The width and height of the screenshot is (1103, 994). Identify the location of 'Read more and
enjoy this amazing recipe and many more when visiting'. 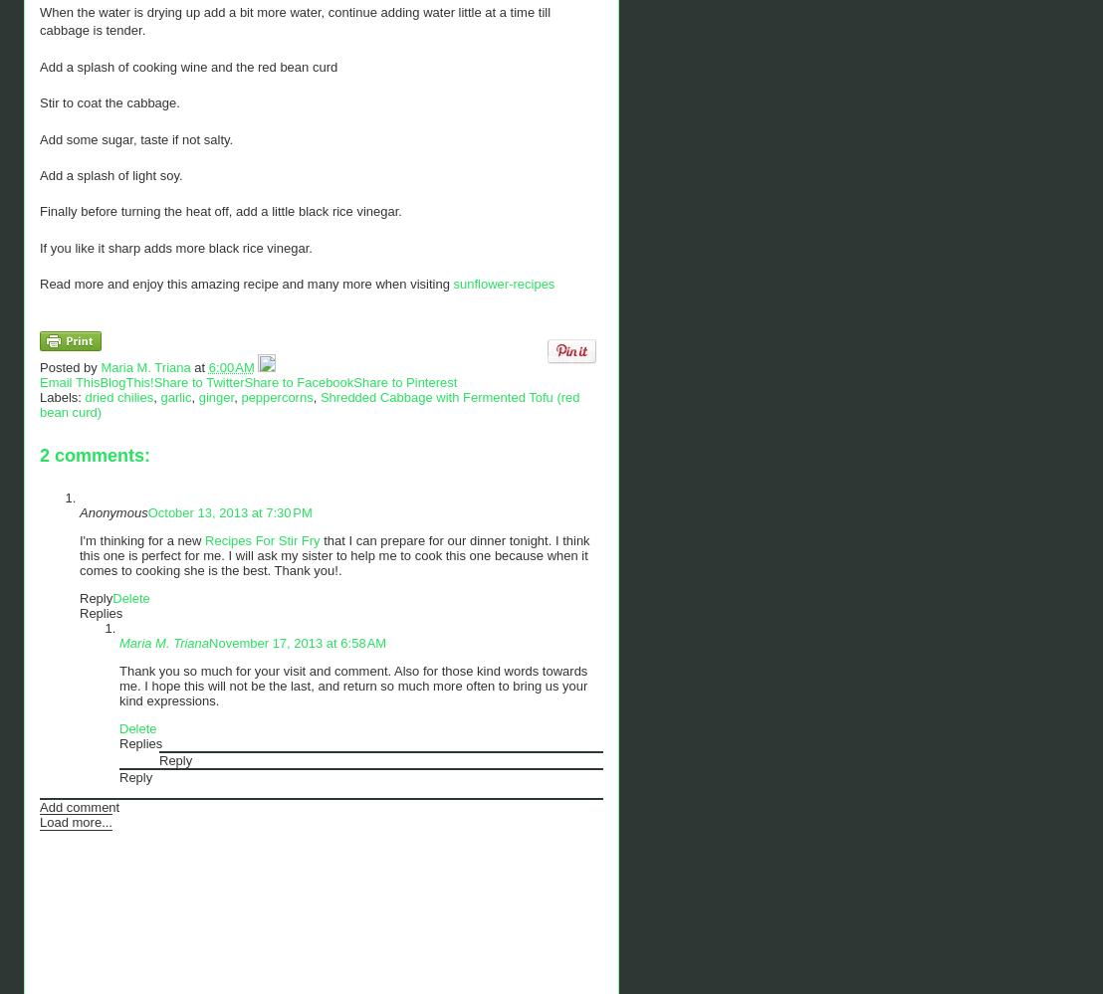
(39, 283).